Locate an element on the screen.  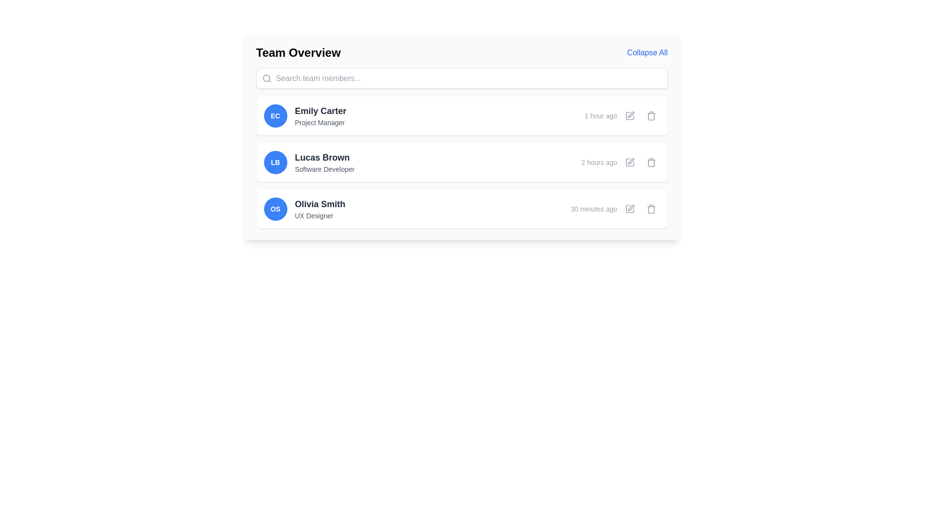
the circular avatar with initials 'EC' in white on a blue background, located on the left side of the row labeled 'Emily Carter' and 'Project Manager' in the Team Overview interface is located at coordinates (275, 115).